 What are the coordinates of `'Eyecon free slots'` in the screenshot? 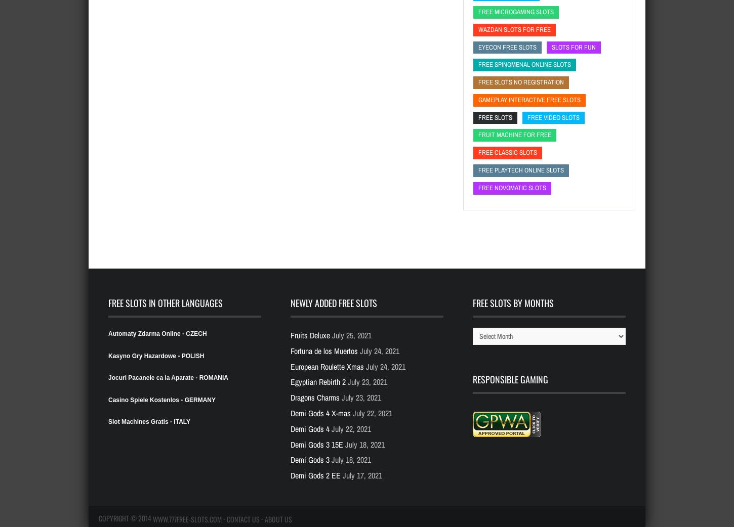 It's located at (477, 47).